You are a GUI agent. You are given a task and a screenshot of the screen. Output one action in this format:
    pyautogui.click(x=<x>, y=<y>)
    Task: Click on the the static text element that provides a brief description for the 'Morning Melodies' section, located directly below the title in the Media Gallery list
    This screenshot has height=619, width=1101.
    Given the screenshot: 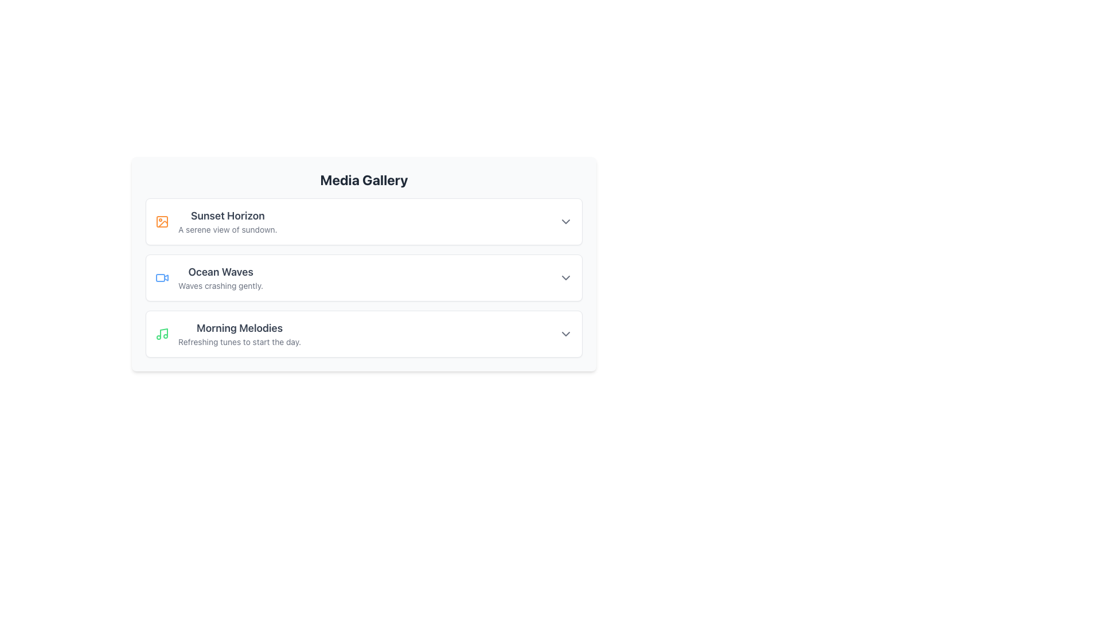 What is the action you would take?
    pyautogui.click(x=239, y=342)
    